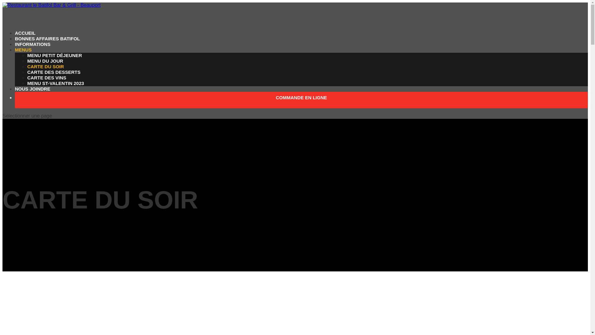  What do you see at coordinates (55, 83) in the screenshot?
I see `'MENU ST-VALENTIN 2023'` at bounding box center [55, 83].